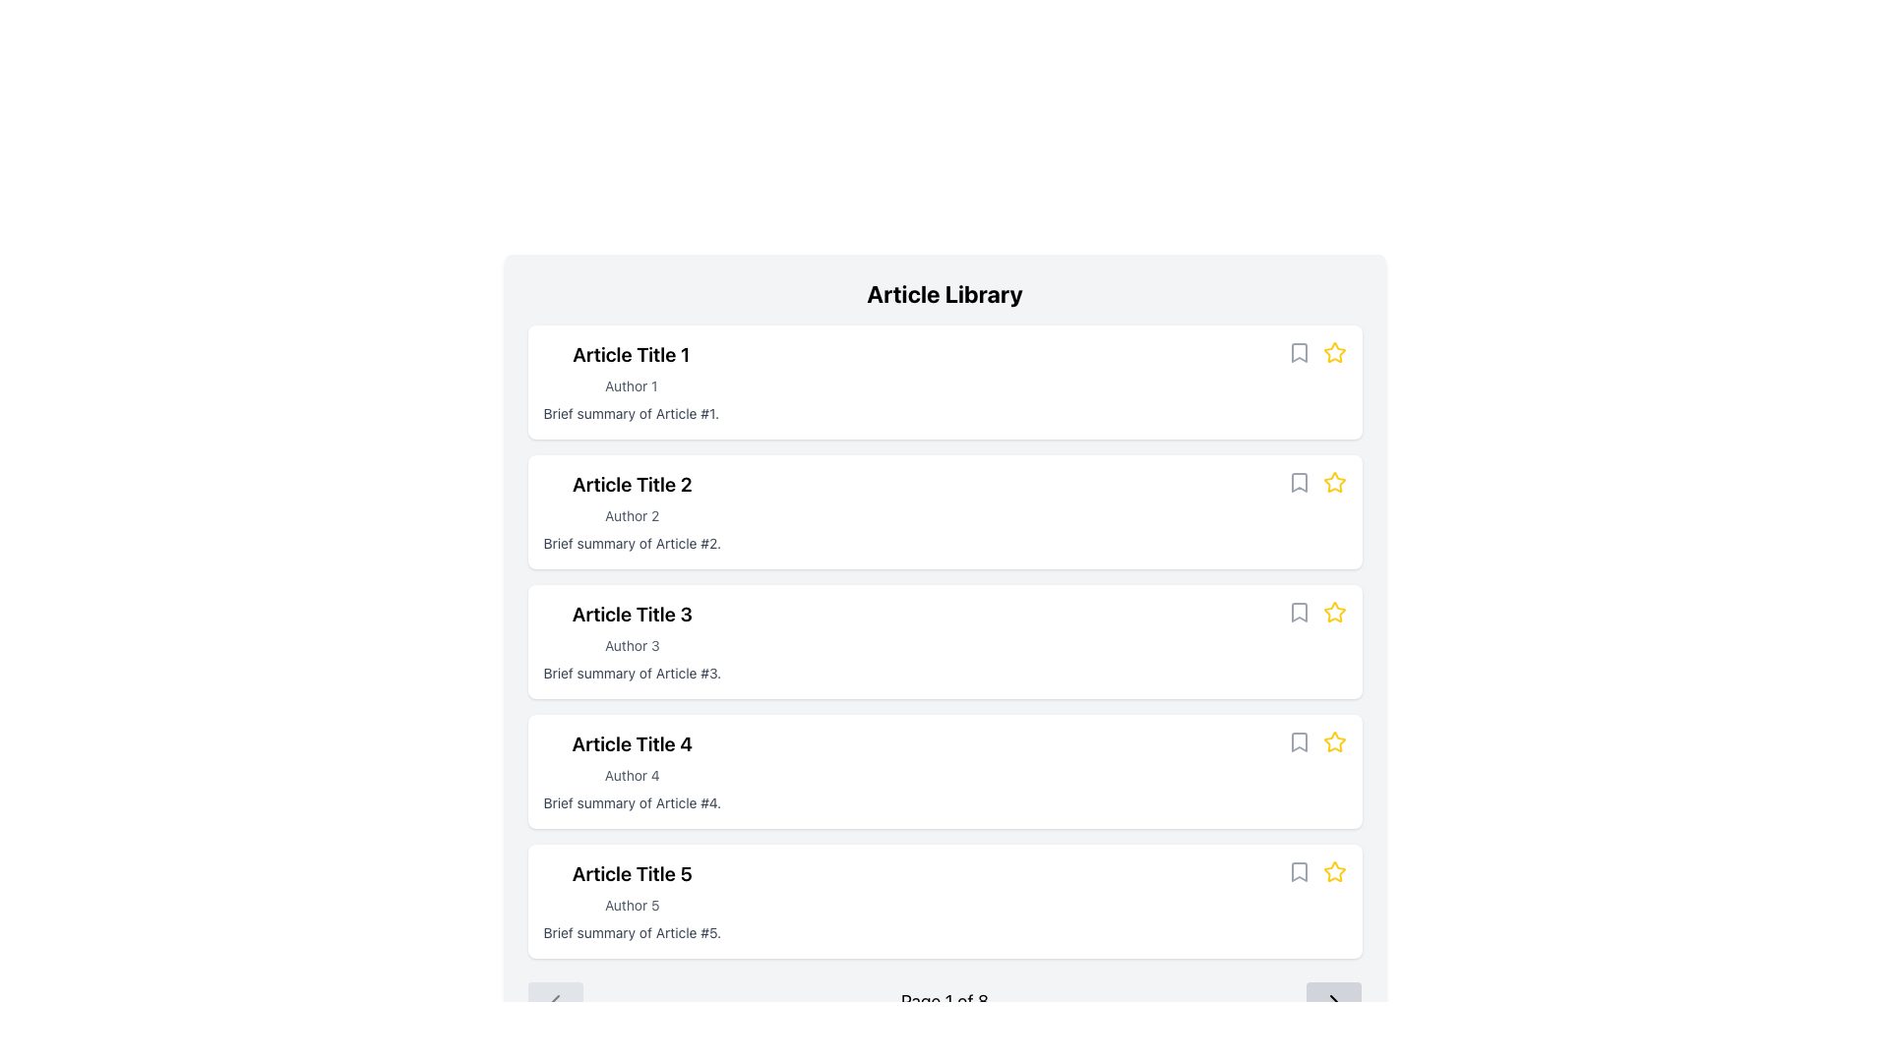 This screenshot has width=1889, height=1062. What do you see at coordinates (554, 1001) in the screenshot?
I see `the disabled previous page button in the pagination controls located below the 'Article Library' list` at bounding box center [554, 1001].